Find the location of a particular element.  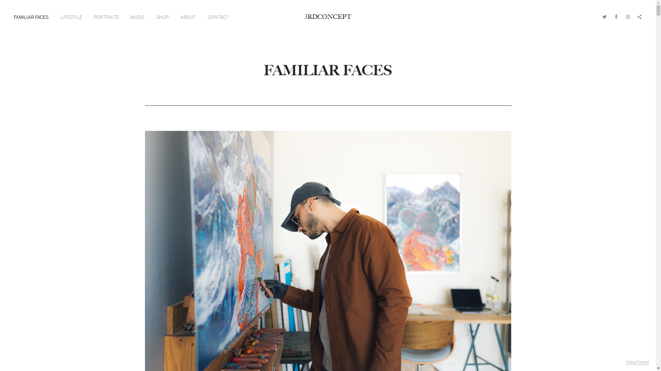

'3RDCONCEPT' is located at coordinates (327, 16).